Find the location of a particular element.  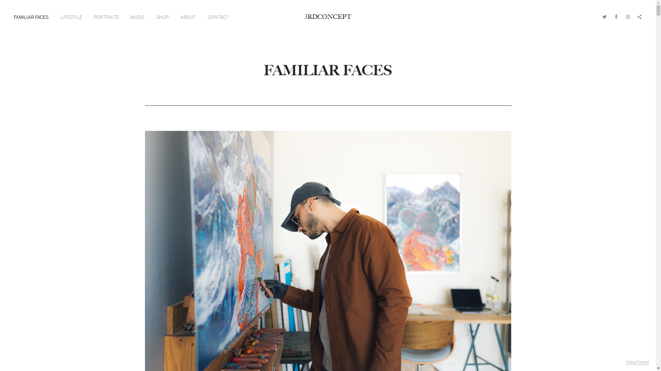

'3RDCONCEPT' is located at coordinates (327, 16).